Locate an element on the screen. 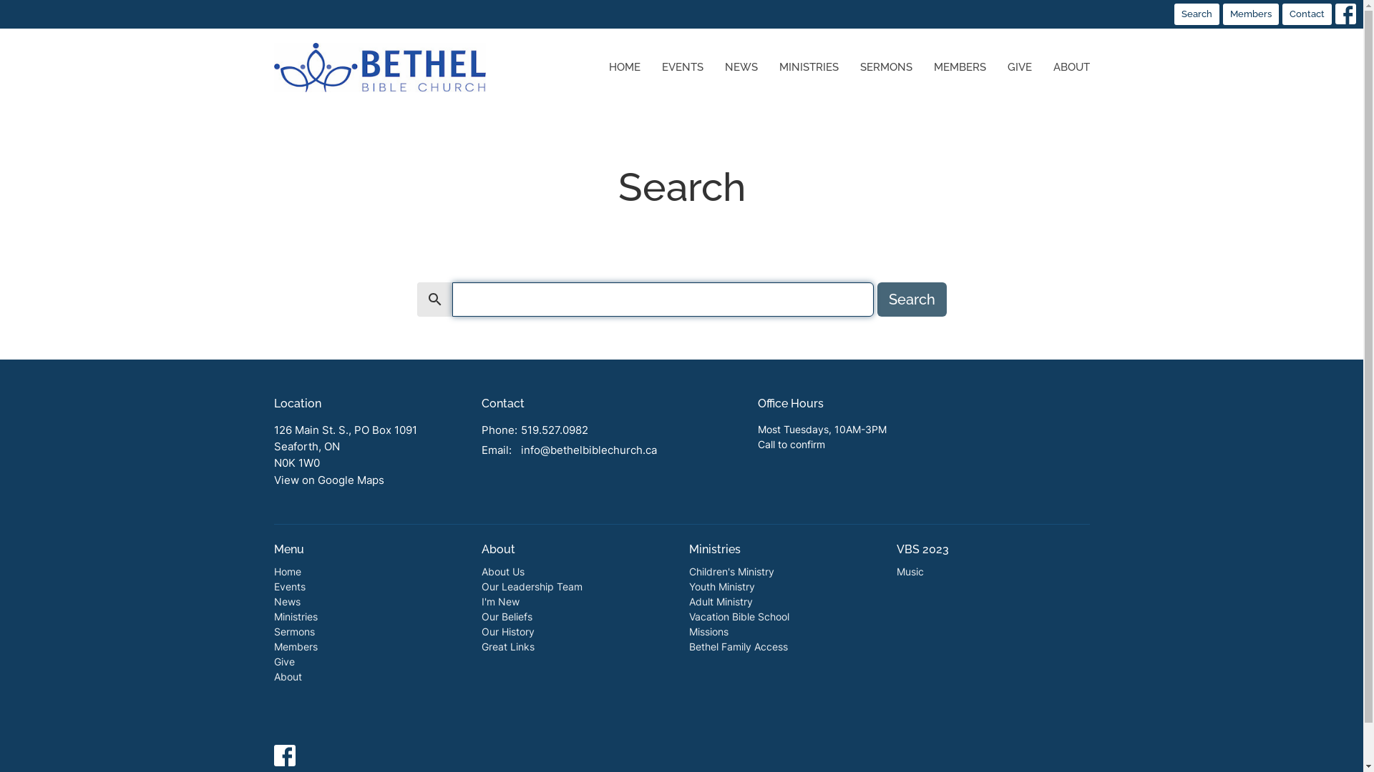 The image size is (1374, 772). 'I'm New' is located at coordinates (500, 601).